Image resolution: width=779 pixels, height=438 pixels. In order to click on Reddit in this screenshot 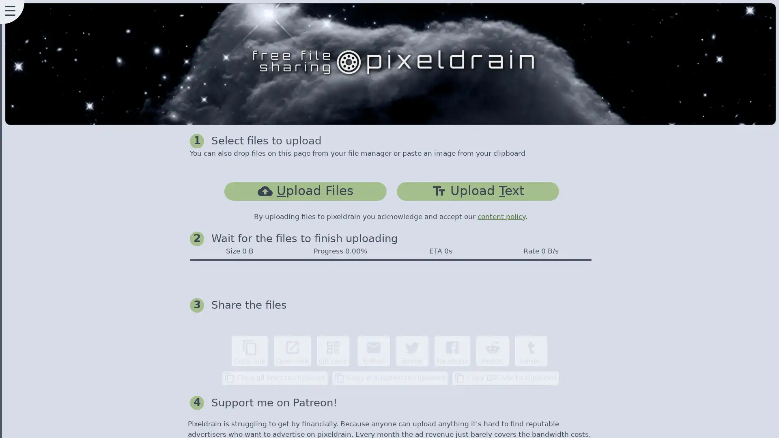, I will do `click(550, 350)`.